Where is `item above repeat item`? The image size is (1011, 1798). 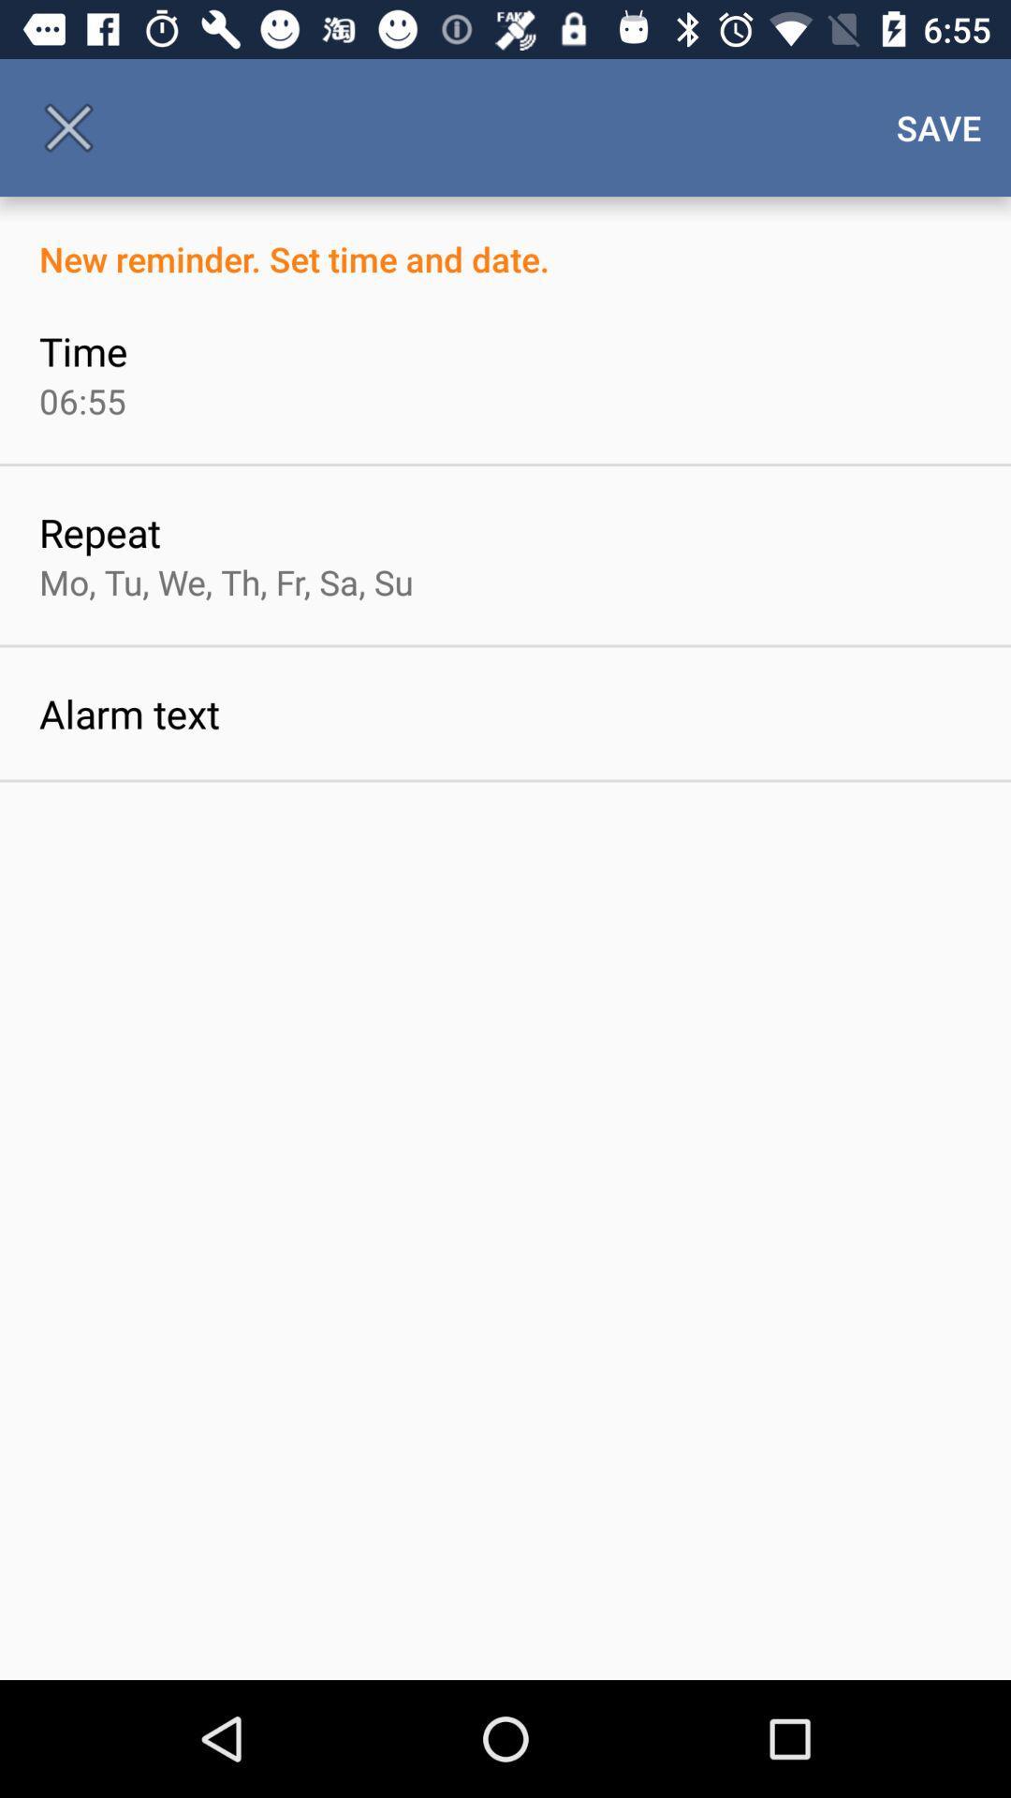
item above repeat item is located at coordinates (81, 400).